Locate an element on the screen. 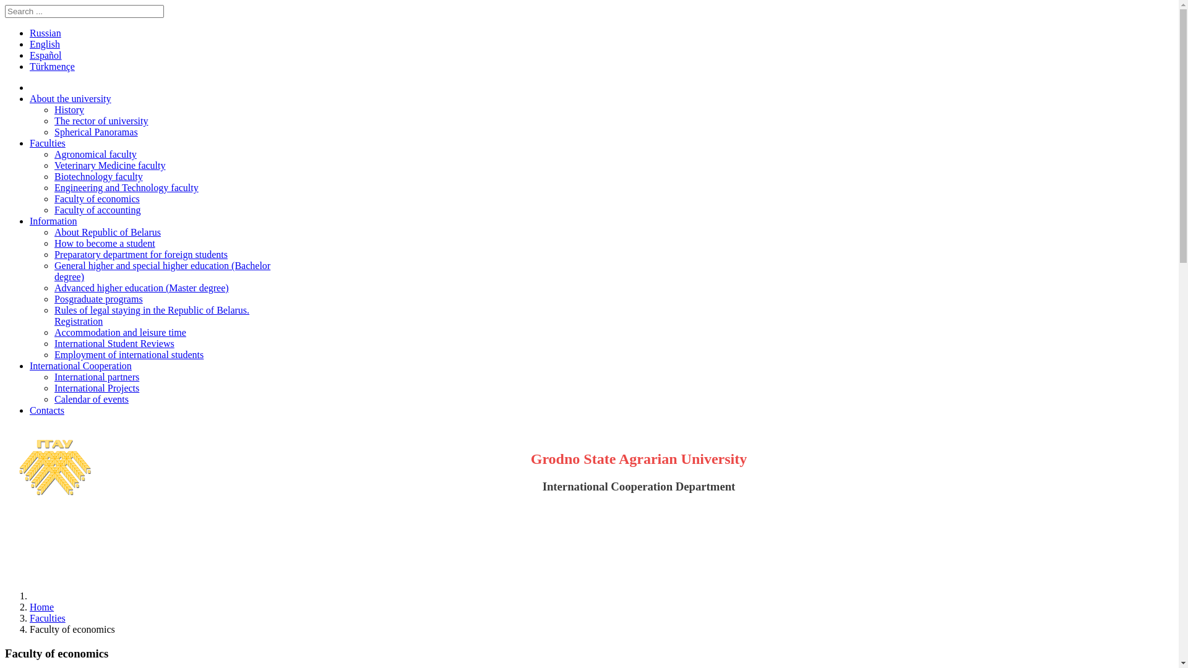  'International partners' is located at coordinates (96, 376).